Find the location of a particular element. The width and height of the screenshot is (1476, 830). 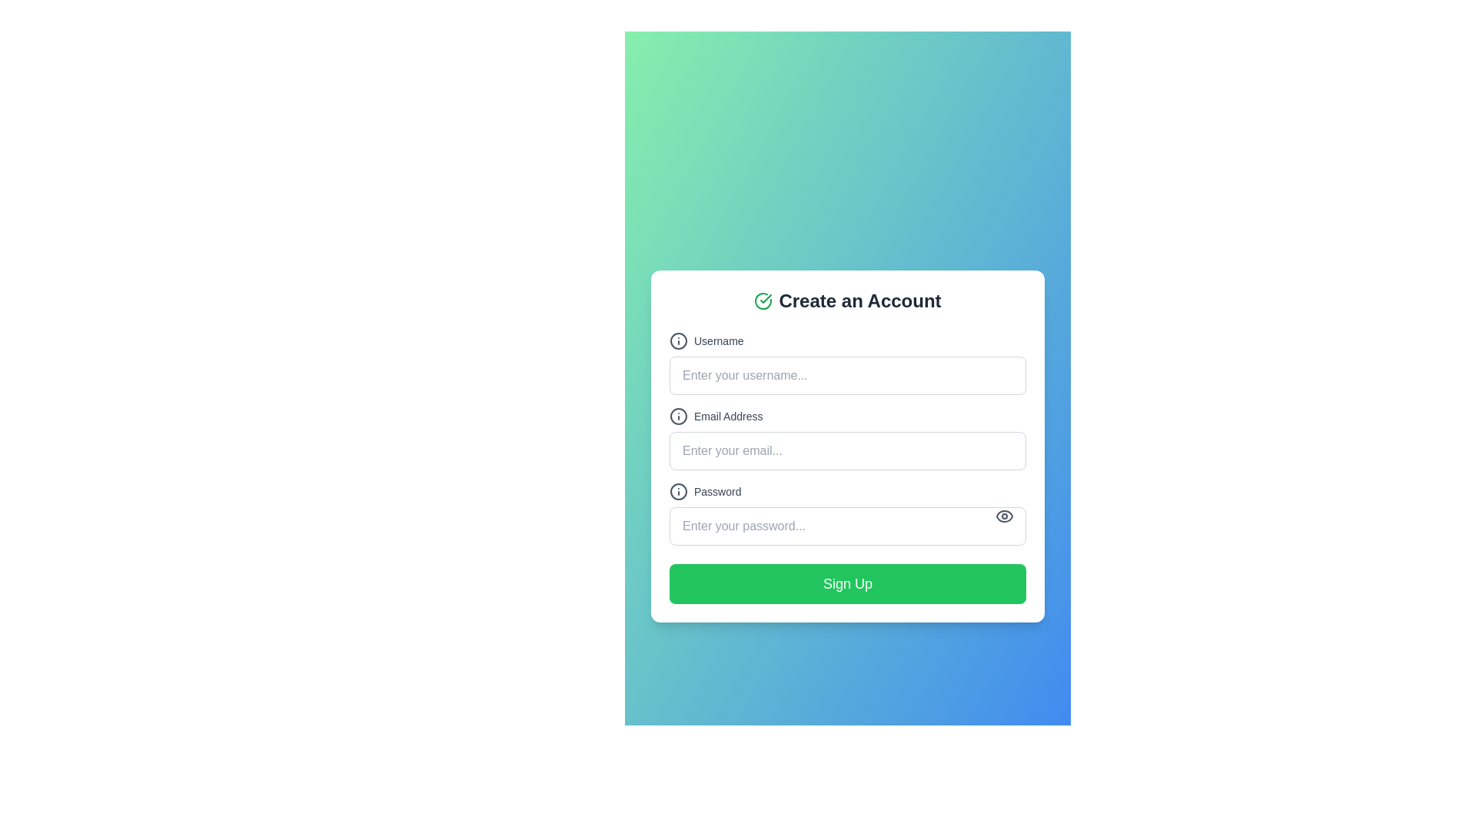

the informational icon located to the left of the 'Password' label in the form interface, slightly above the password input field is located at coordinates (678, 492).